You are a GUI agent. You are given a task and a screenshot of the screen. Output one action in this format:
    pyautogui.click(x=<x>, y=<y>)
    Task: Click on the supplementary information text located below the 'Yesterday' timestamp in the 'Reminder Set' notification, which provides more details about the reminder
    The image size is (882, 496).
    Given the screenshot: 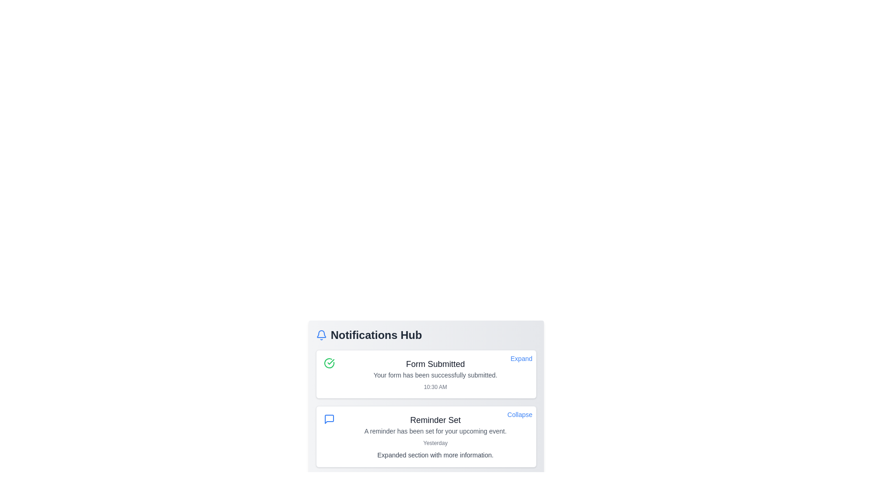 What is the action you would take?
    pyautogui.click(x=435, y=455)
    